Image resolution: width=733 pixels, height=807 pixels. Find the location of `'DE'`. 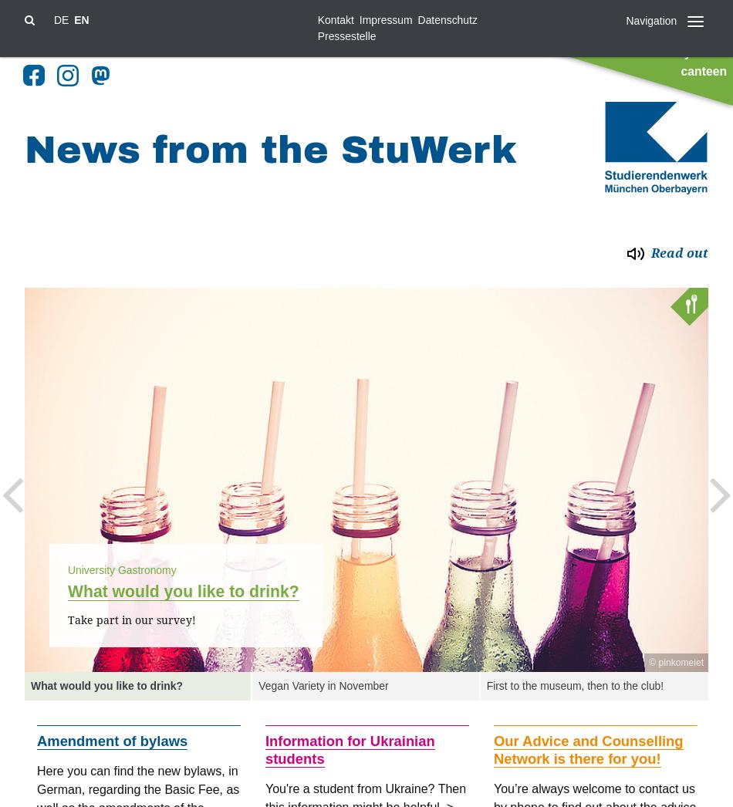

'DE' is located at coordinates (52, 19).